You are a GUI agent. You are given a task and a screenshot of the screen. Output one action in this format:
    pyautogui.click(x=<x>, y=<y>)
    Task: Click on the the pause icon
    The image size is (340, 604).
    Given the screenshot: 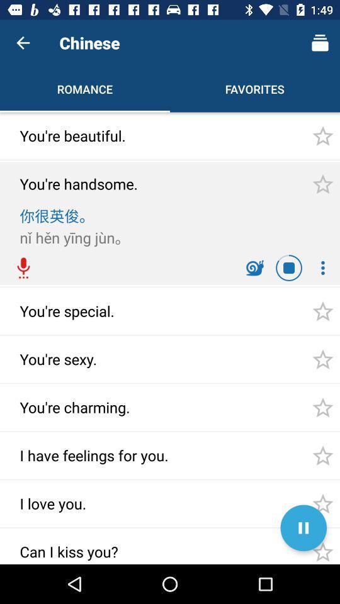 What is the action you would take?
    pyautogui.click(x=303, y=528)
    